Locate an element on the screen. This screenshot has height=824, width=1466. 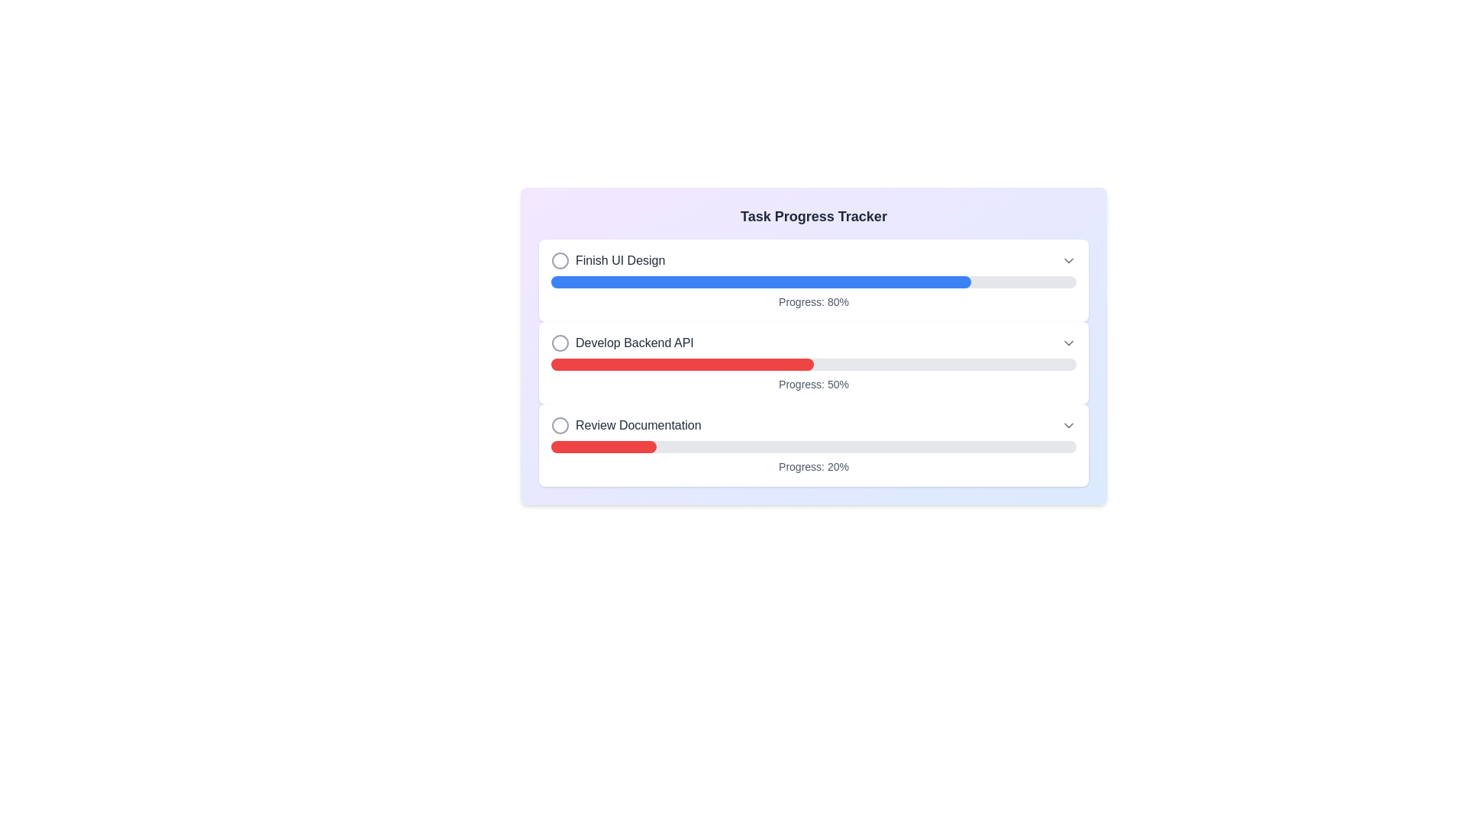
the label indicating the task titled 'Review Documentation' located in the third line item under 'Task Progress Tracker.' is located at coordinates (626, 426).